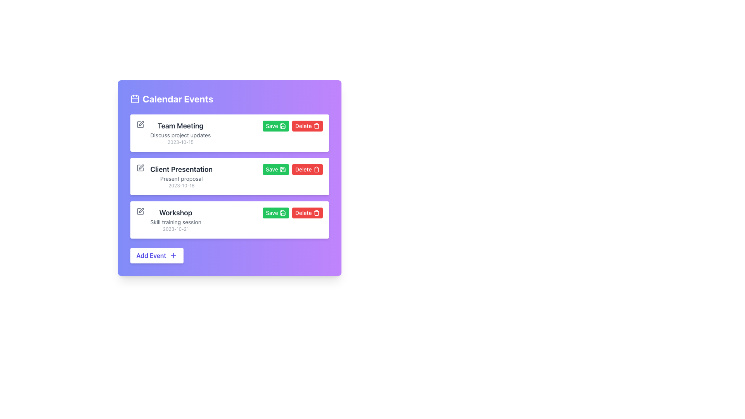  I want to click on the 'Delete' button in the grouped button set for the 'Client Presentation' entry located in the 'Calendar Events' section, so click(292, 169).